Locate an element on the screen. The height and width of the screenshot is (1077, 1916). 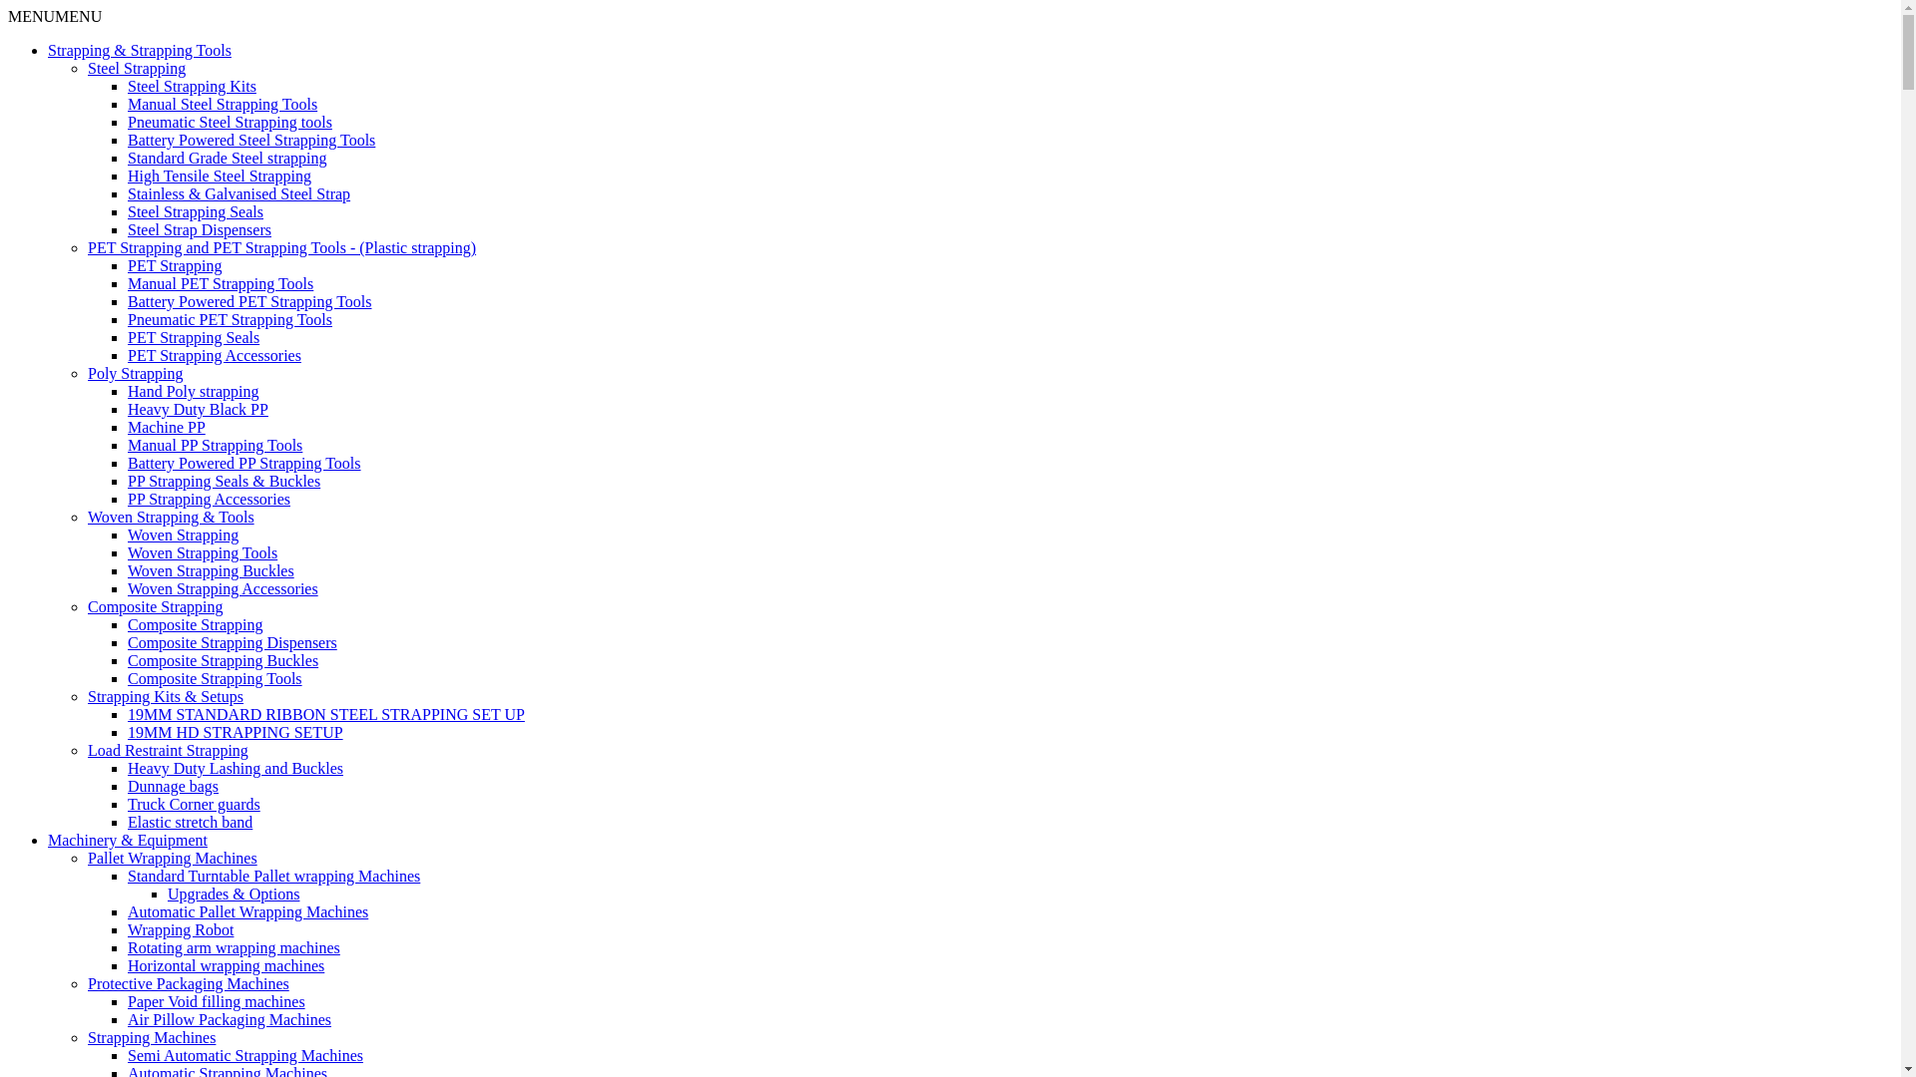
'Semi Automatic Strapping Machines' is located at coordinates (243, 1054).